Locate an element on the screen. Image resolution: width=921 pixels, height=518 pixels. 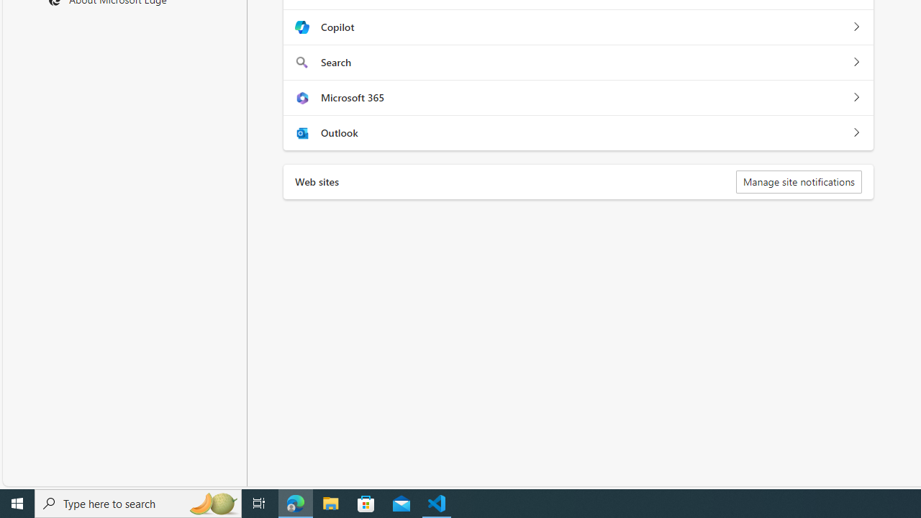
'Manage site notifications' is located at coordinates (797, 181).